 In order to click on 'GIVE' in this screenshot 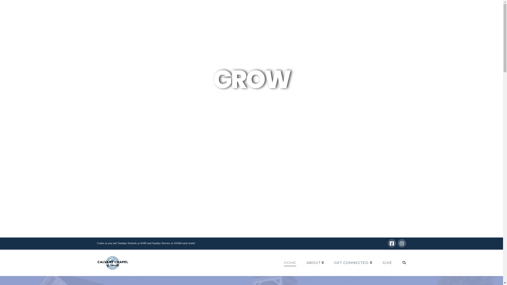, I will do `click(377, 263)`.